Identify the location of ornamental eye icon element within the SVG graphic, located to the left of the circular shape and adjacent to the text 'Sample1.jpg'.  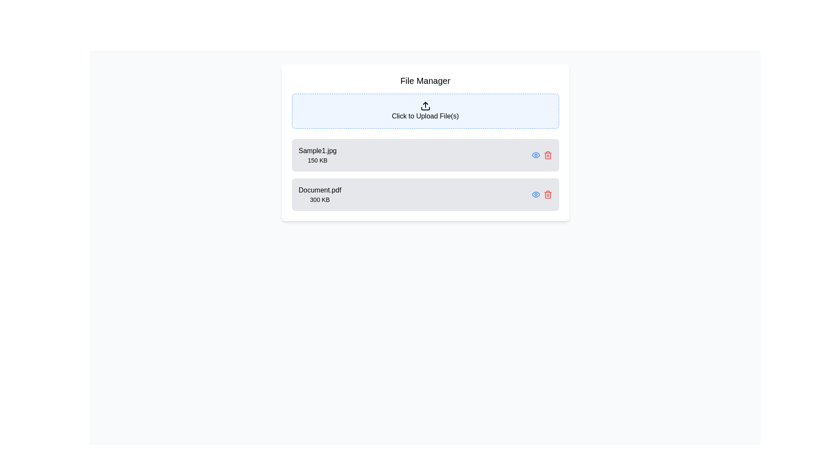
(535, 195).